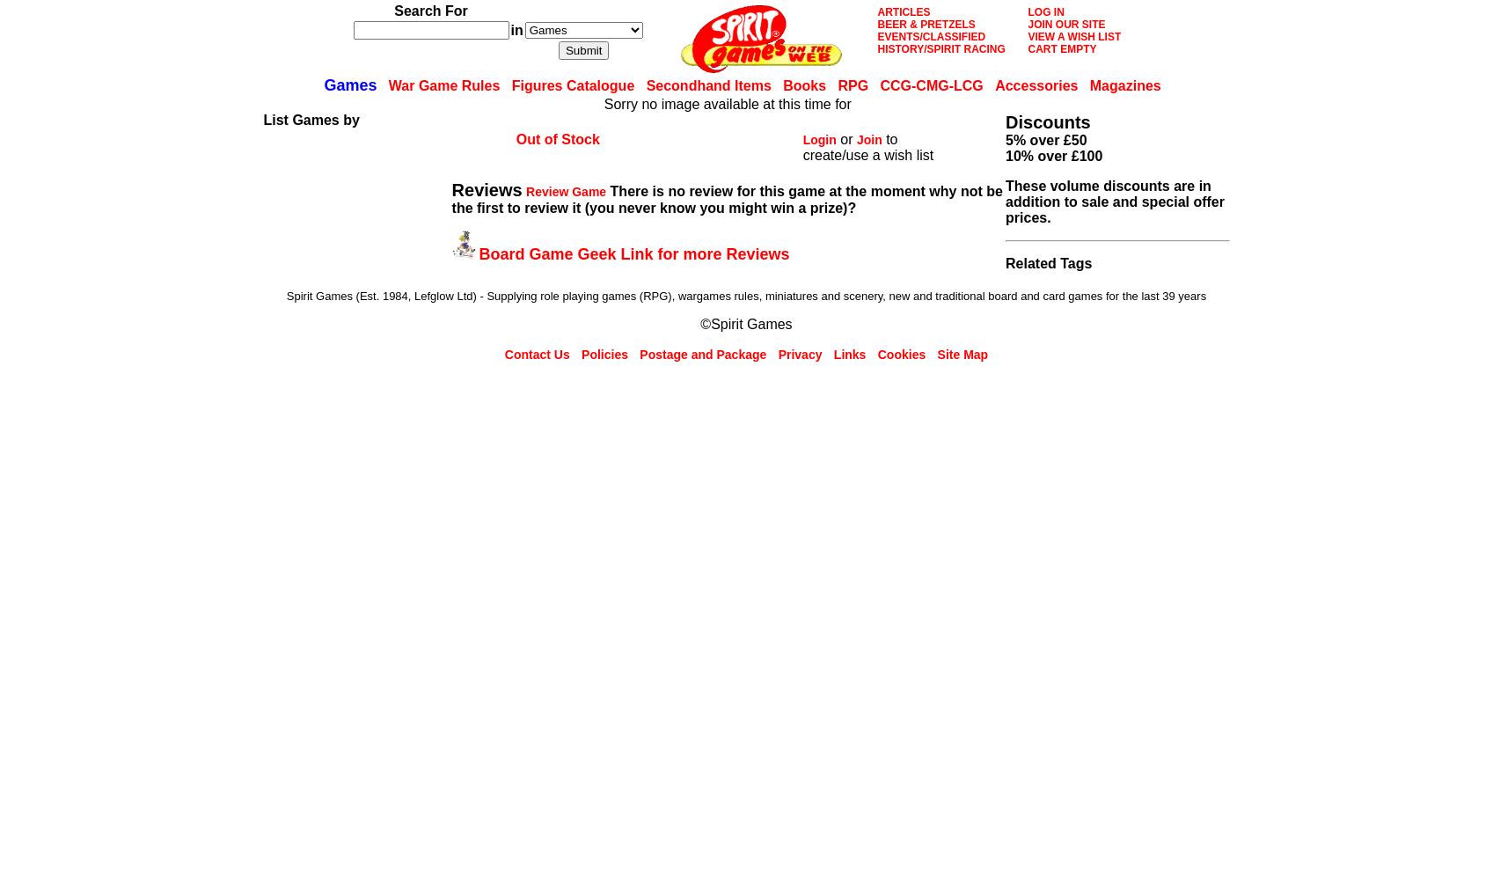  I want to click on 'Contact Us', so click(536, 355).